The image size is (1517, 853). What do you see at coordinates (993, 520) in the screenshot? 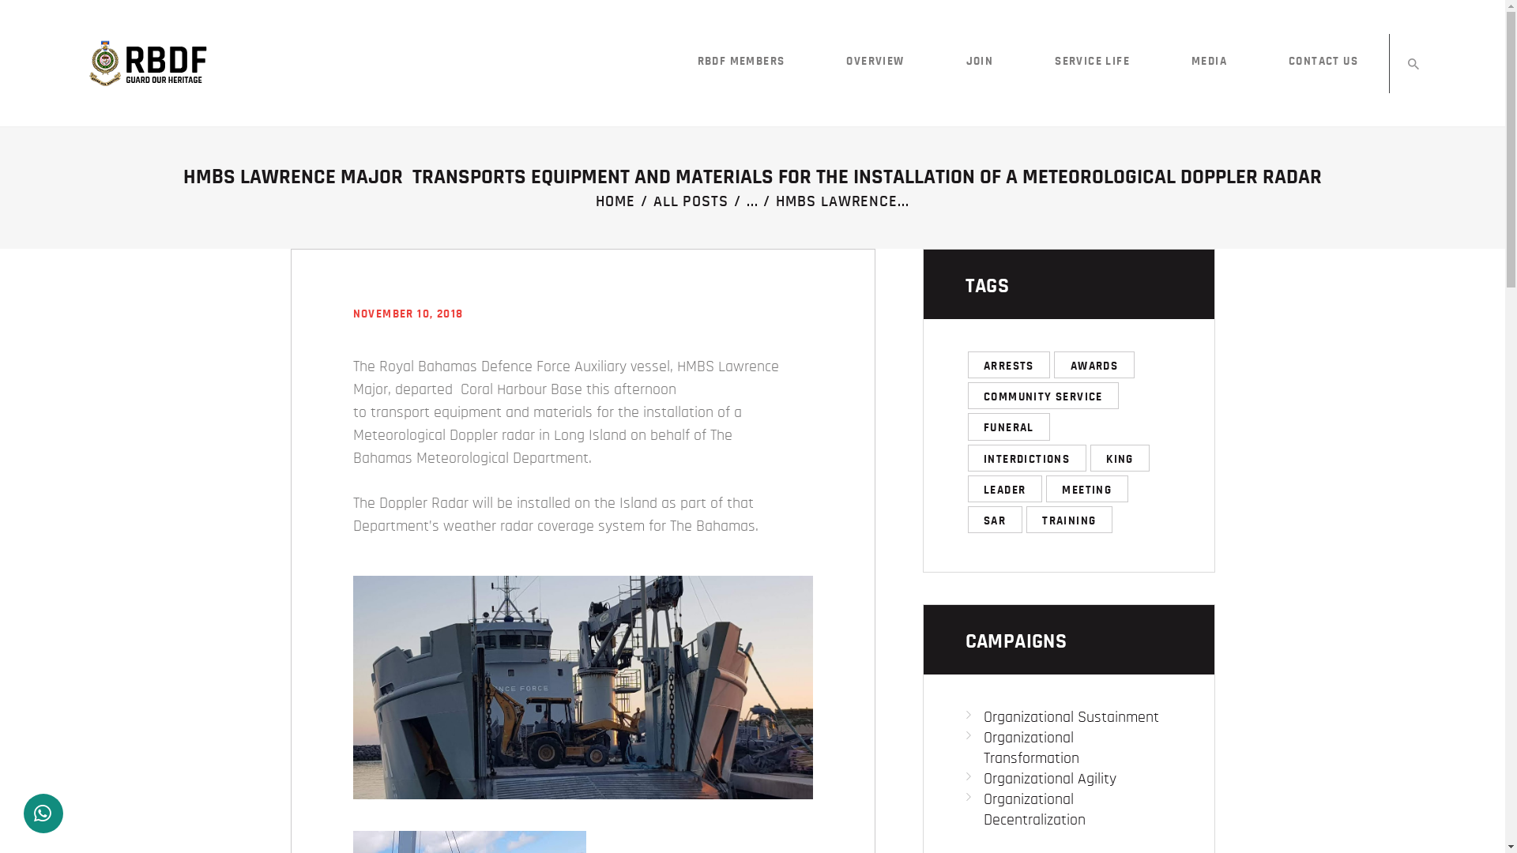
I see `'SAR'` at bounding box center [993, 520].